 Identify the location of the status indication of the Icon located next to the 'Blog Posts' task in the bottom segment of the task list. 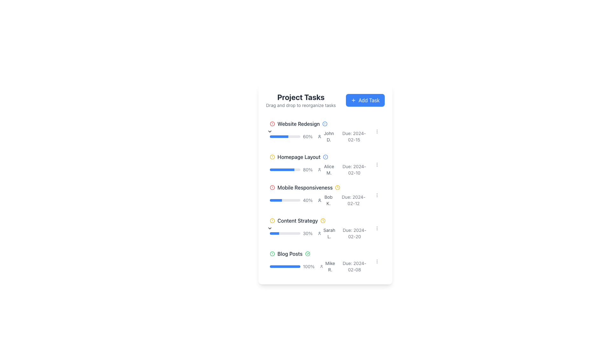
(272, 254).